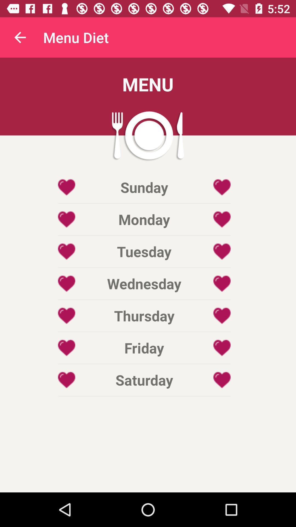 The height and width of the screenshot is (527, 296). Describe the element at coordinates (20, 37) in the screenshot. I see `item next to menu diet` at that location.